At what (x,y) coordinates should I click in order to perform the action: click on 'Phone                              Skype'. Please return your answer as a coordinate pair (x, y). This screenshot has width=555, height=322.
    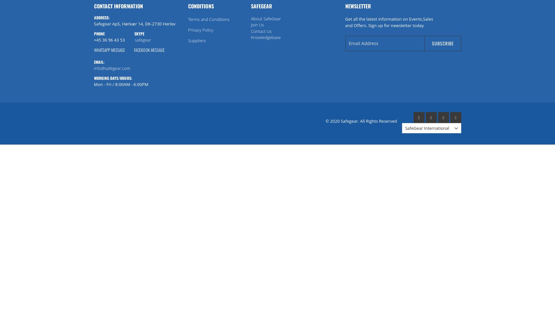
    Looking at the image, I should click on (119, 33).